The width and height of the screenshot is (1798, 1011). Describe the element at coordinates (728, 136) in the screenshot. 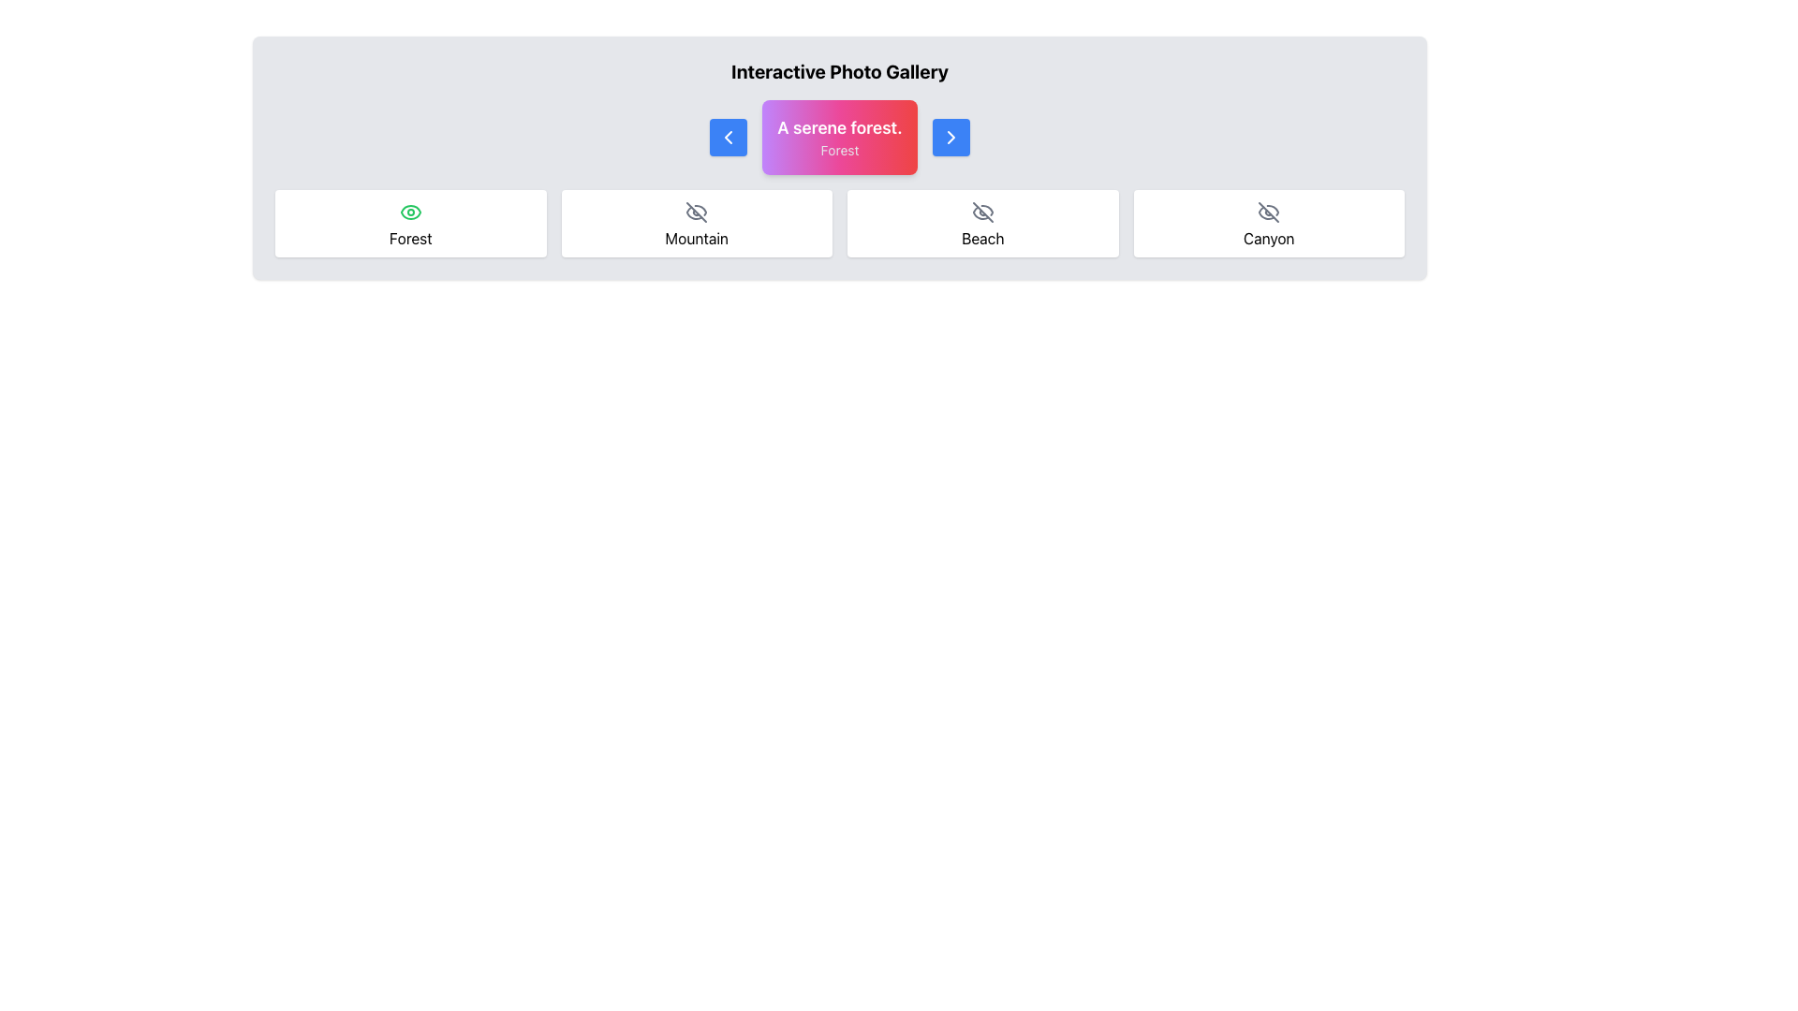

I see `the chevron icon within the blue button` at that location.